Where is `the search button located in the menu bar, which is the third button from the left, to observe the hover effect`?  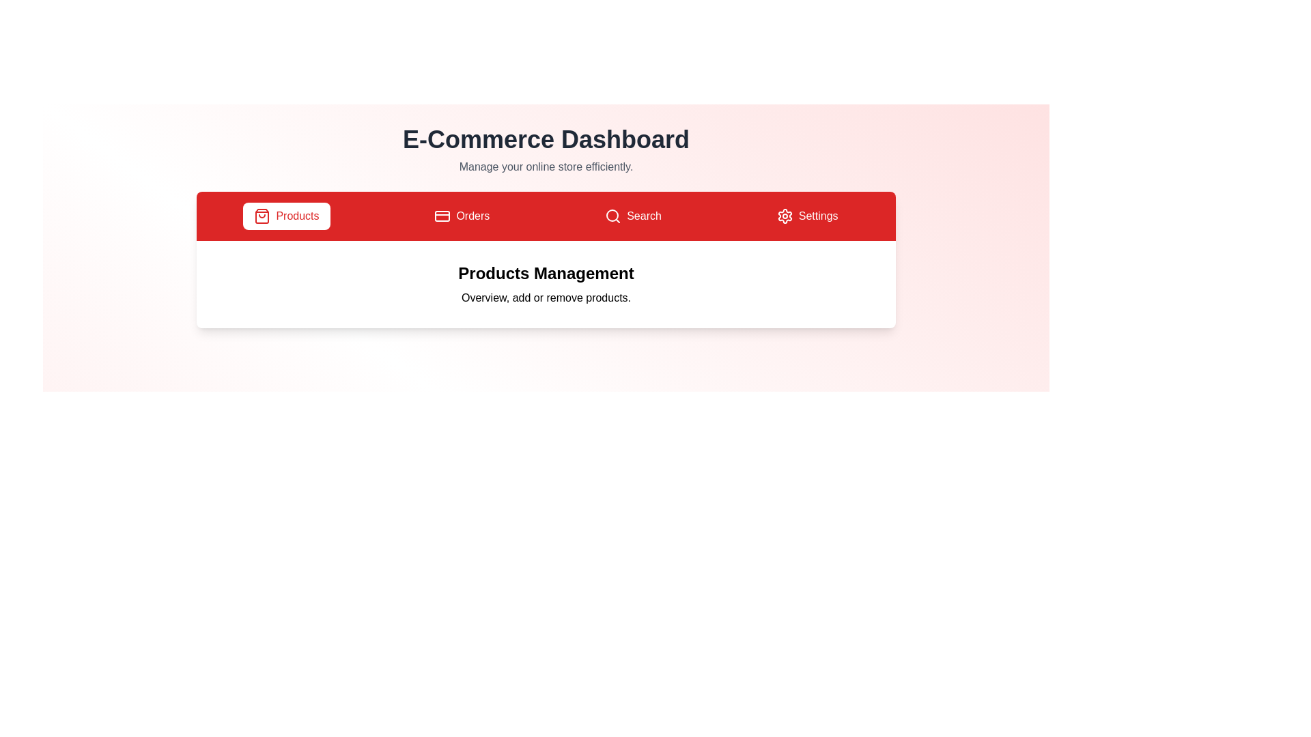 the search button located in the menu bar, which is the third button from the left, to observe the hover effect is located at coordinates (632, 215).